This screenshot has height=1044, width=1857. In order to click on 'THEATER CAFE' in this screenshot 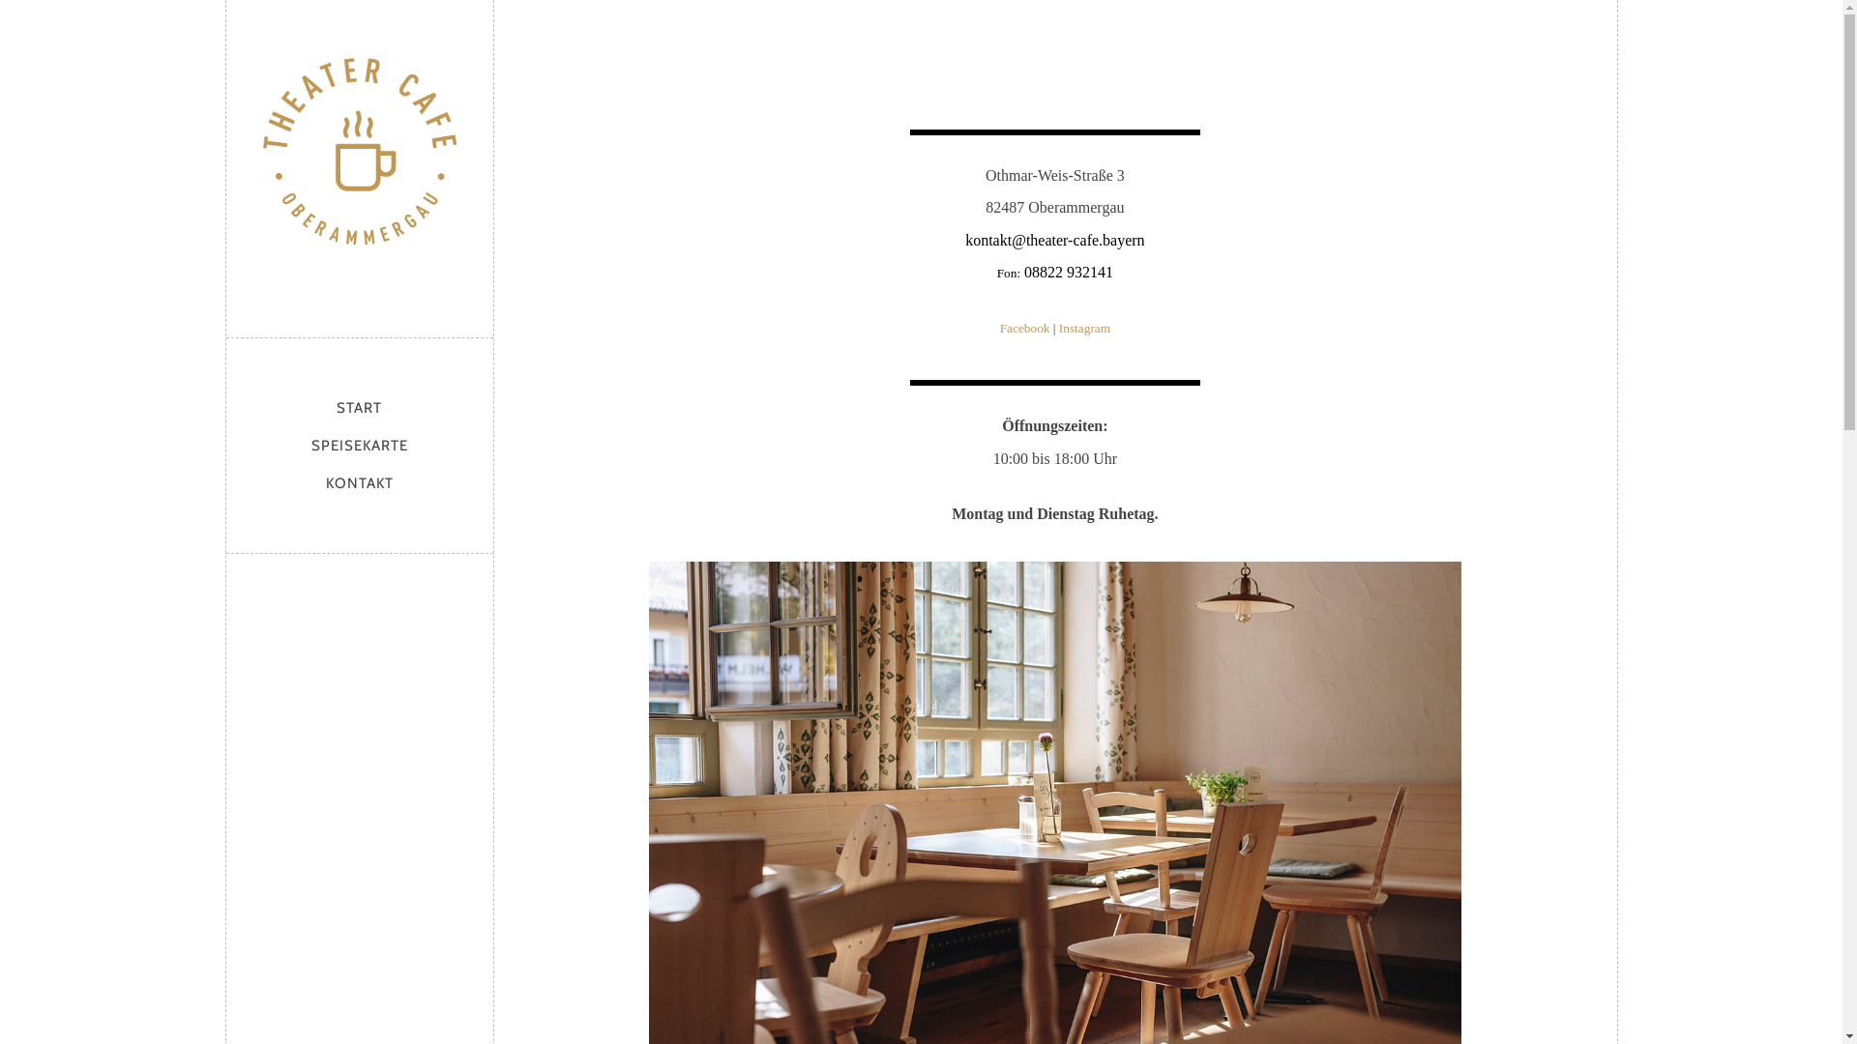, I will do `click(359, 162)`.